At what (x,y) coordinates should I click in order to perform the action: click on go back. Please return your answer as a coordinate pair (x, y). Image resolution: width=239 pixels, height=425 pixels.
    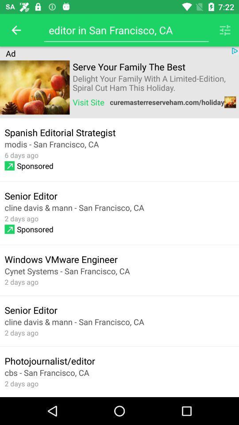
    Looking at the image, I should click on (16, 30).